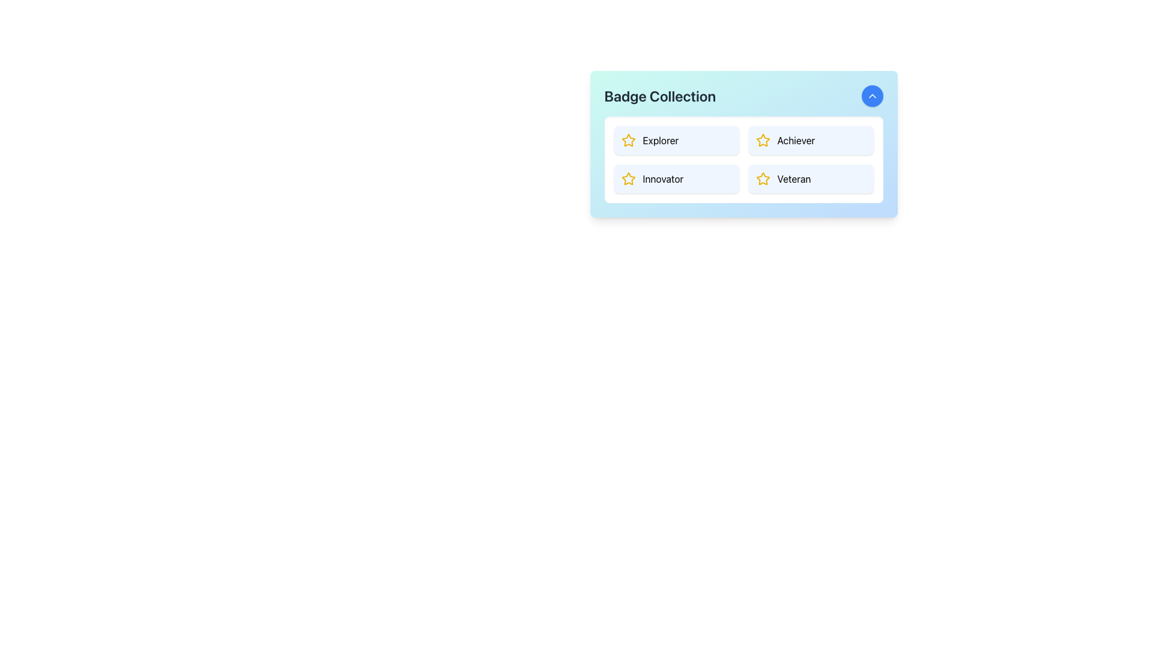  I want to click on the 'Achiever' badge icon located, so click(762, 139).